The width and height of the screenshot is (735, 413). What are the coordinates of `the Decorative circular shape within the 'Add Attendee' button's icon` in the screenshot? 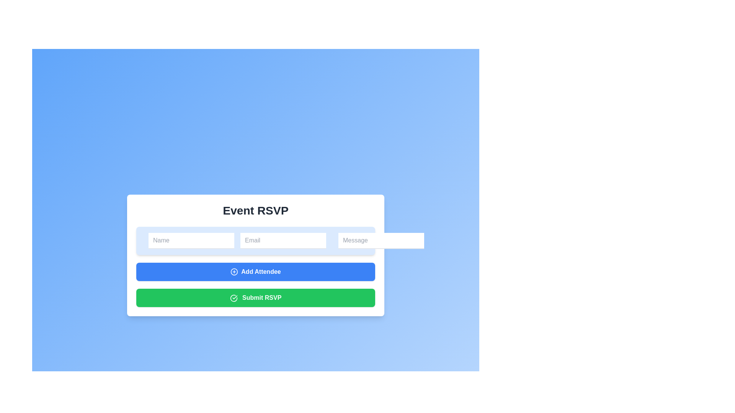 It's located at (234, 271).